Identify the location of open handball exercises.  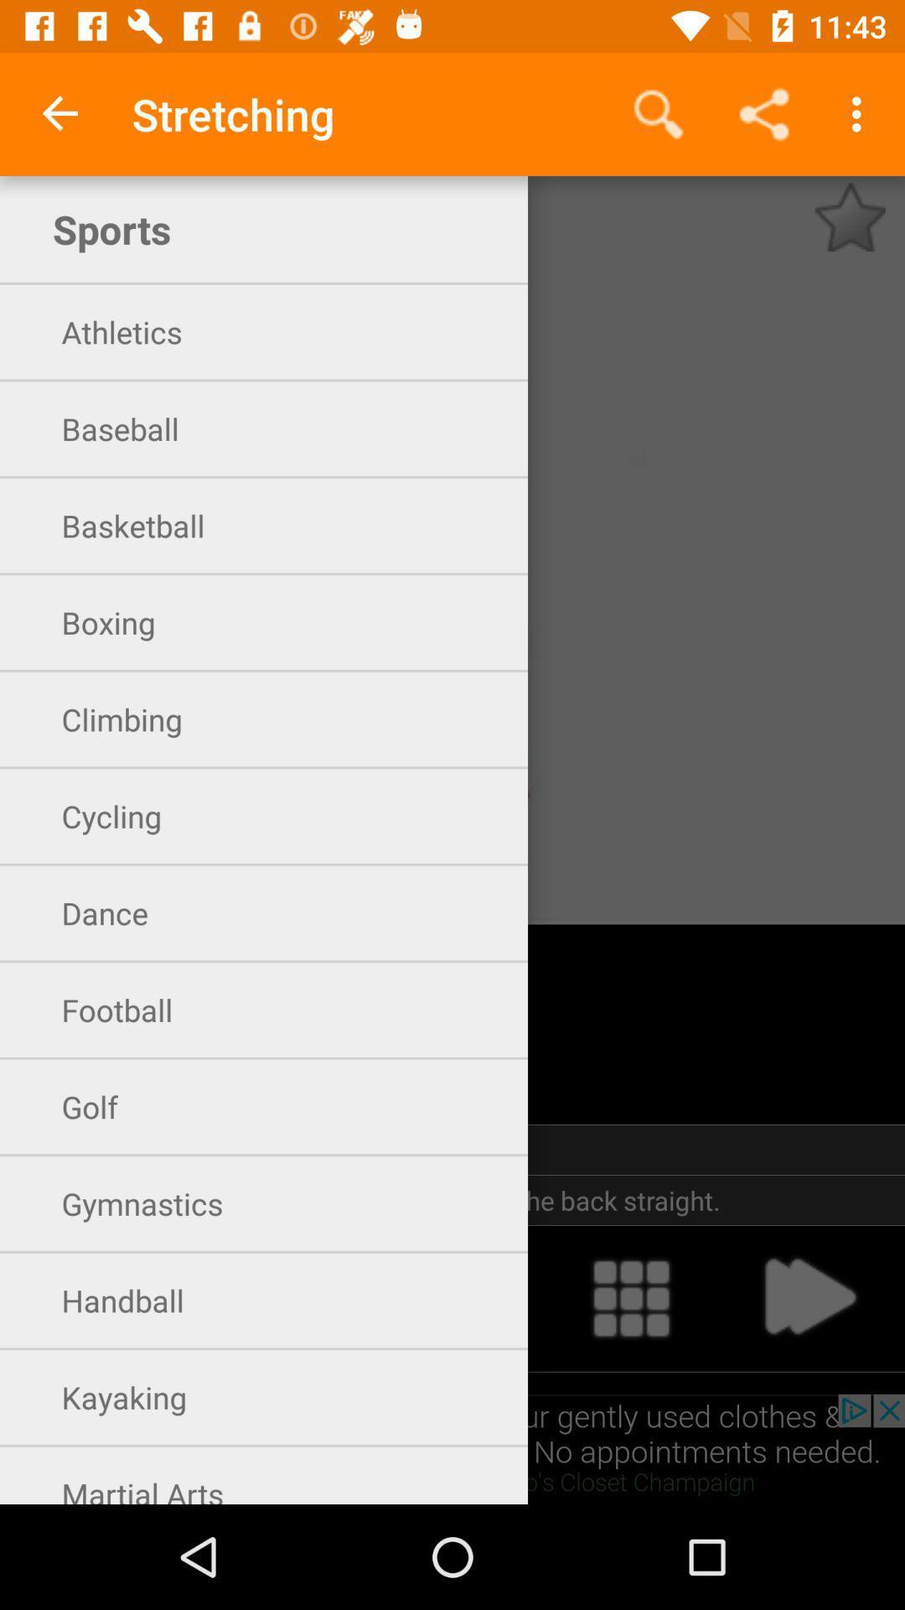
(96, 1297).